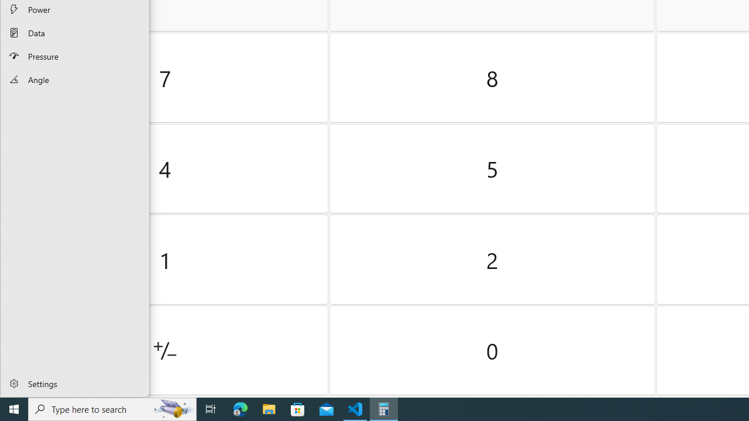 The height and width of the screenshot is (421, 749). Describe the element at coordinates (492, 78) in the screenshot. I see `'Eight'` at that location.